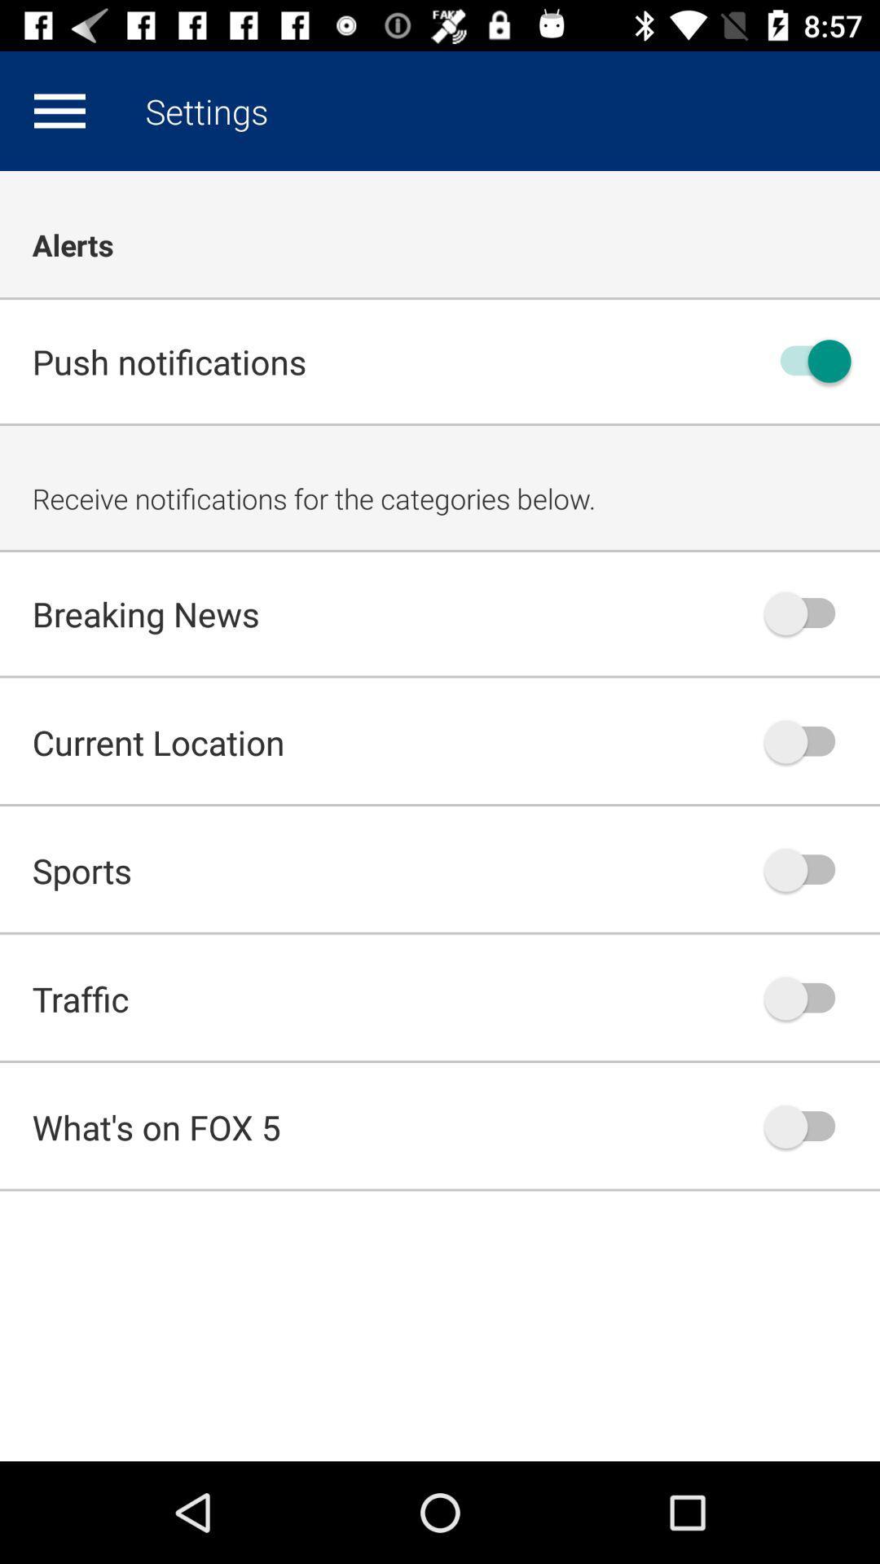 This screenshot has width=880, height=1564. I want to click on switch on/off, so click(807, 997).